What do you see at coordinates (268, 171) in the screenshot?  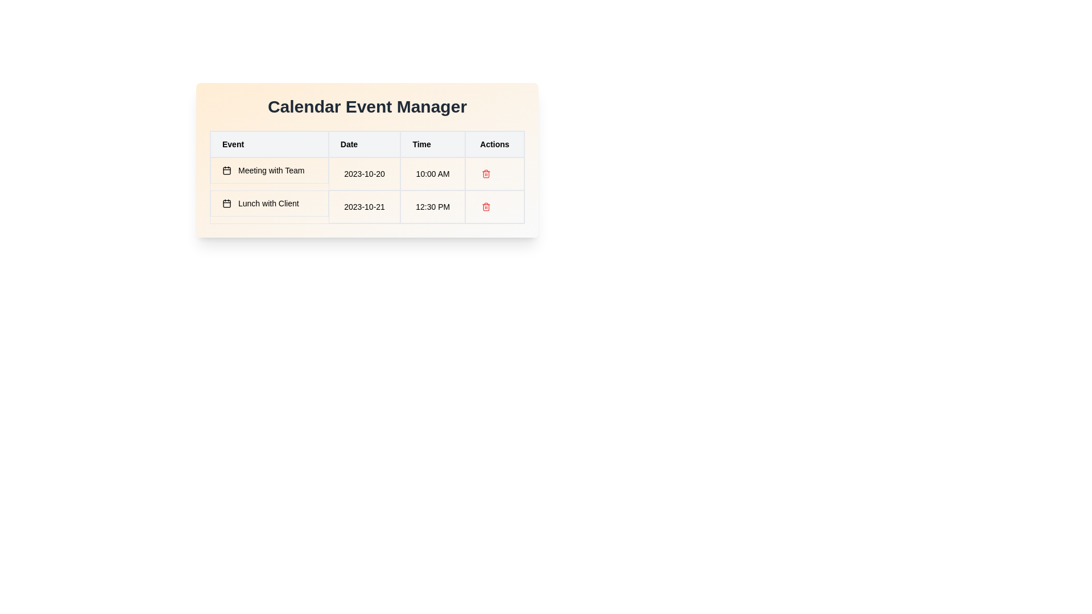 I see `the Text label displaying 'Meeting with Team' located in the first row of the table under the 'Event' column` at bounding box center [268, 171].